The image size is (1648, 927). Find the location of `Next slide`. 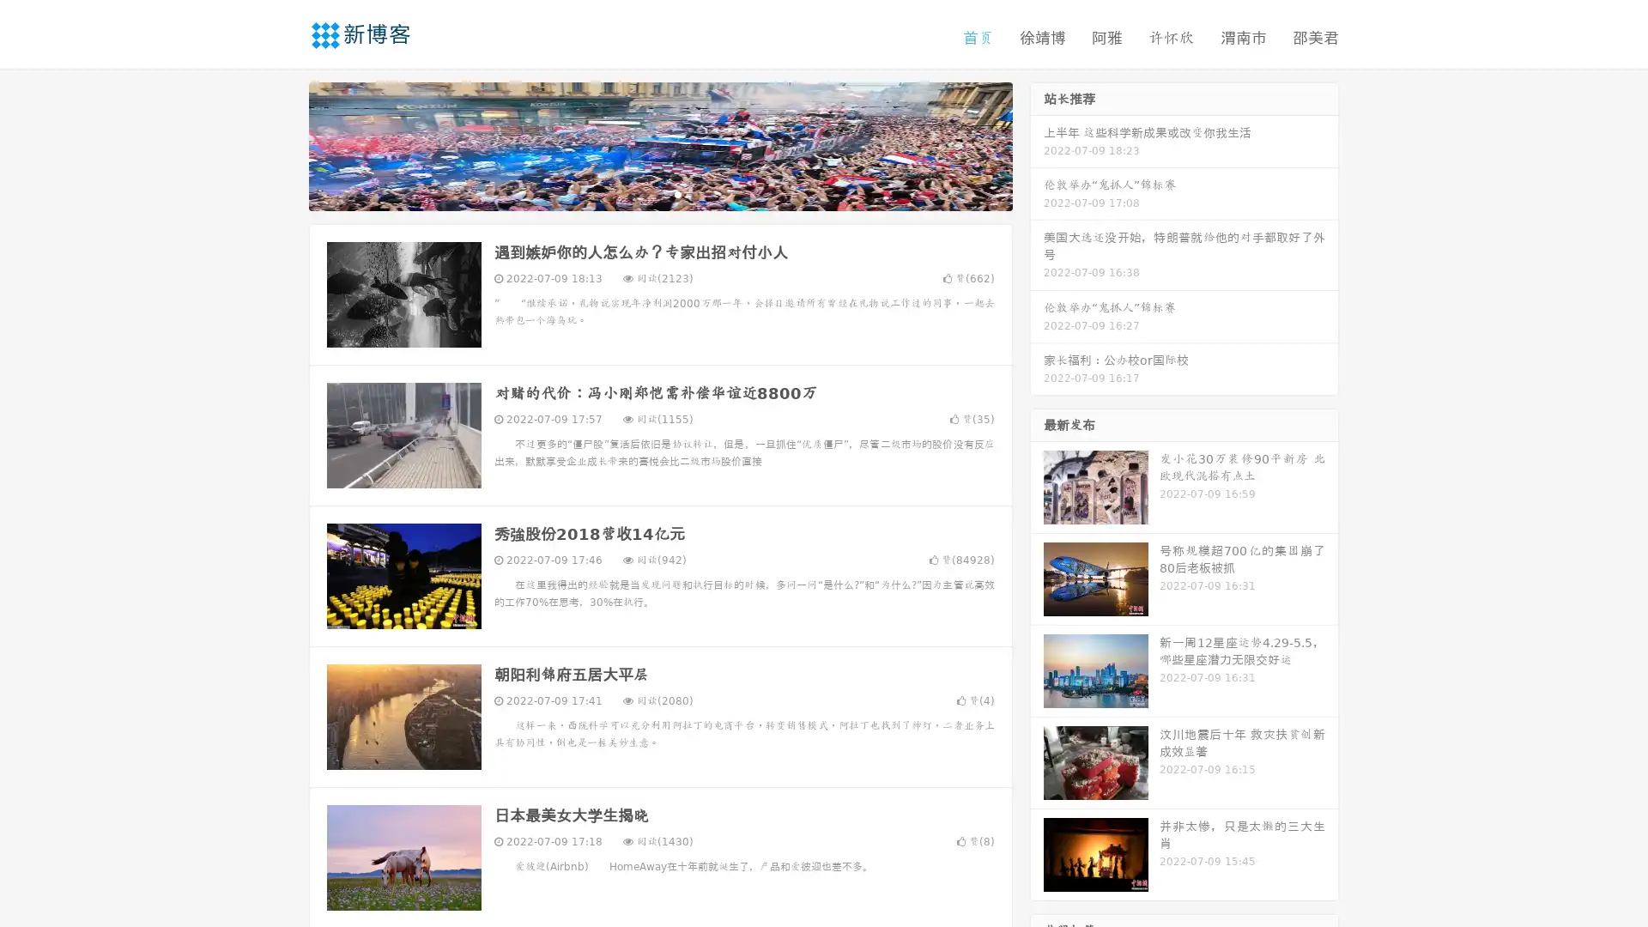

Next slide is located at coordinates (1037, 144).